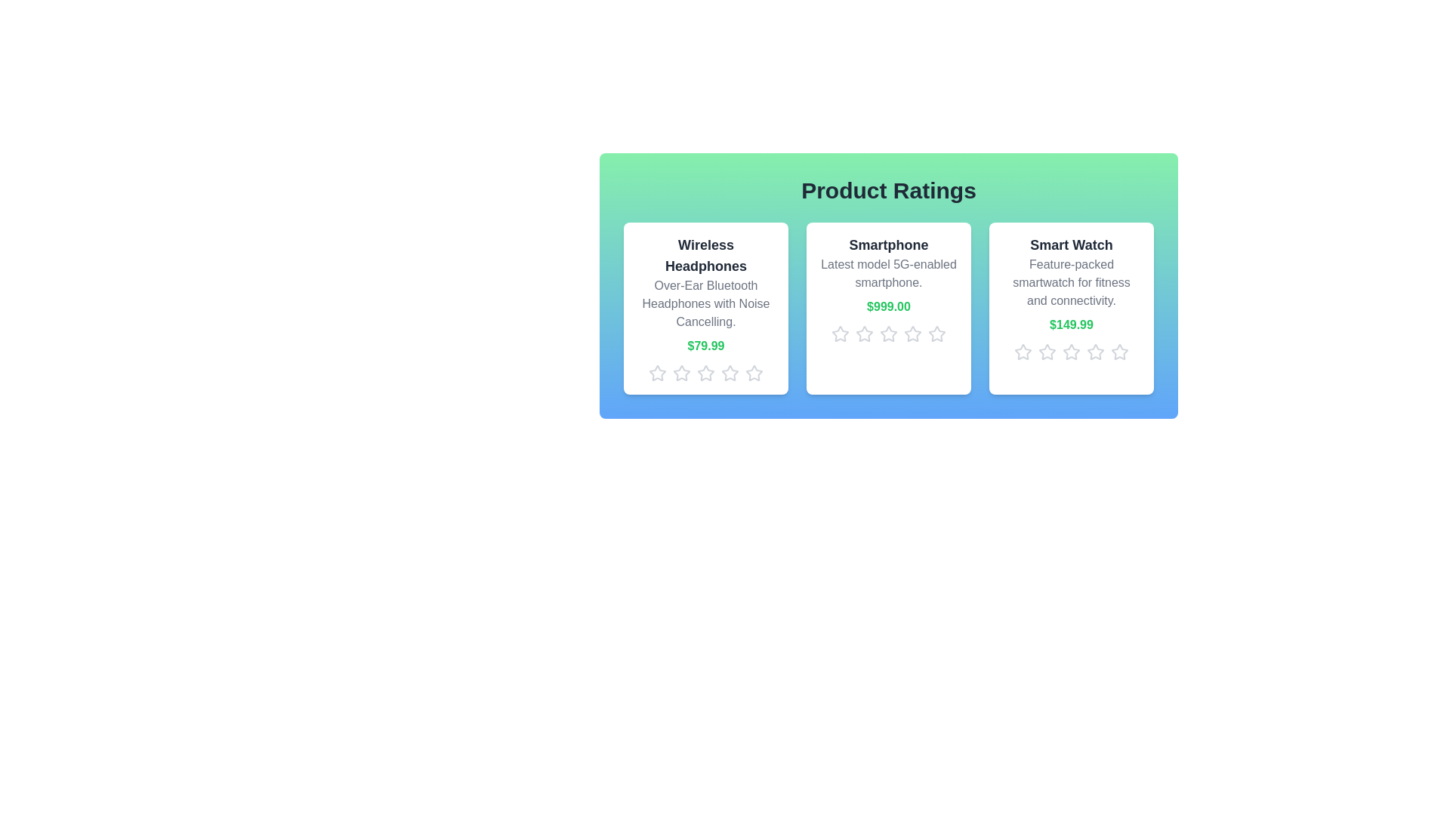  What do you see at coordinates (657, 373) in the screenshot?
I see `the star icon corresponding to 1 stars for the product Wireless Headphones` at bounding box center [657, 373].